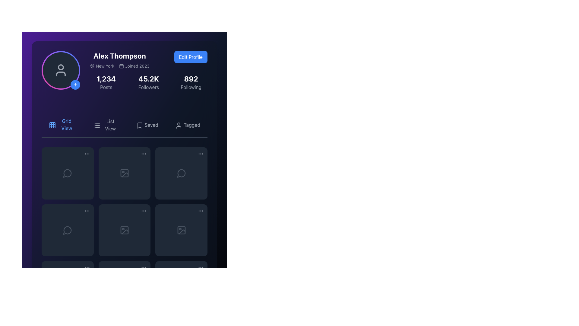 The width and height of the screenshot is (579, 326). I want to click on the circular button with an ellipsis icon located in the top-right section of the square card, which provides additional options or interactions, so click(144, 268).